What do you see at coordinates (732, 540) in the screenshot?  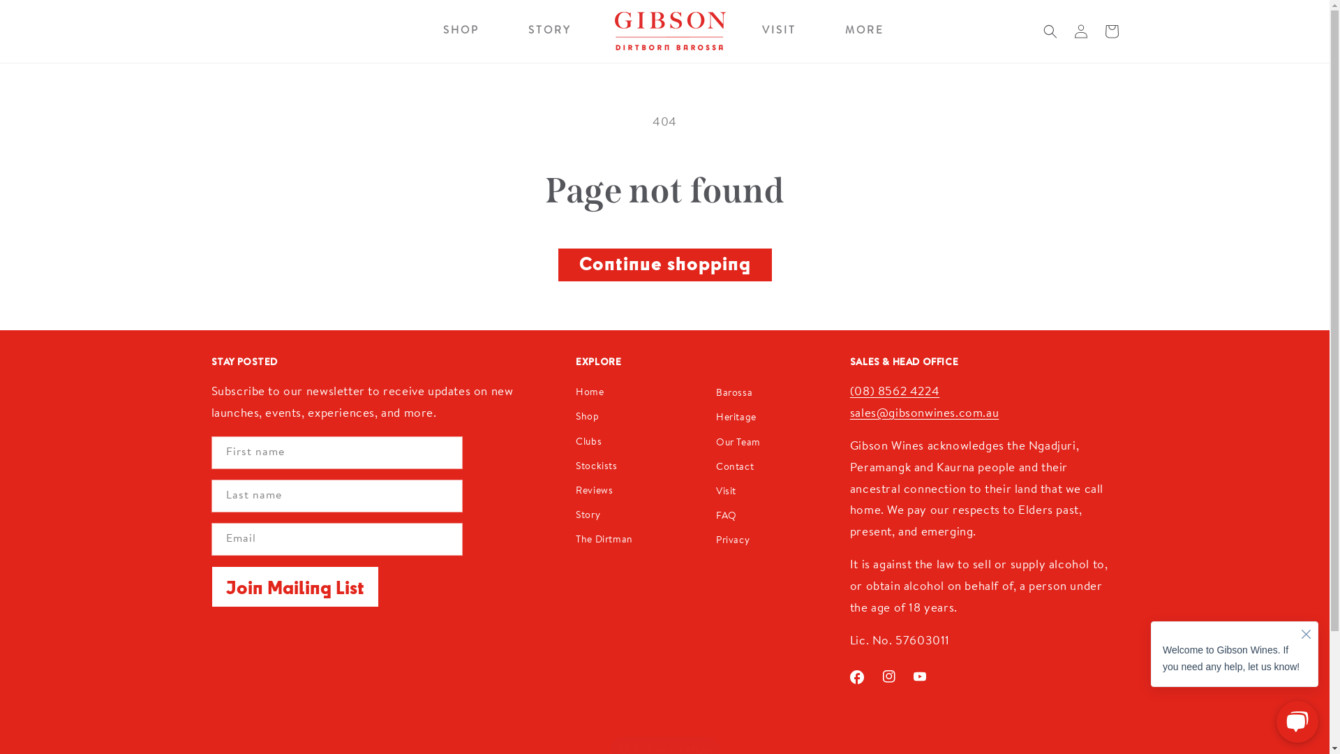 I see `'Privacy'` at bounding box center [732, 540].